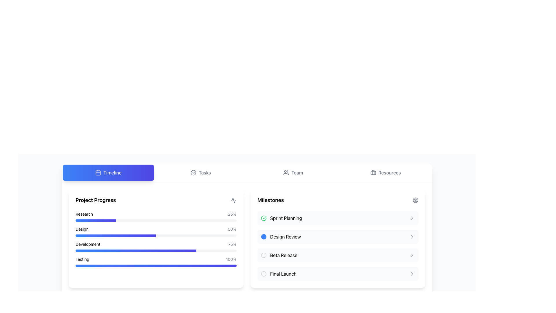  Describe the element at coordinates (411, 274) in the screenshot. I see `the right-facing chevron icon in the 'Milestones' section of the 'Timeline' tab, which is styled in gray with smooth round edges` at that location.